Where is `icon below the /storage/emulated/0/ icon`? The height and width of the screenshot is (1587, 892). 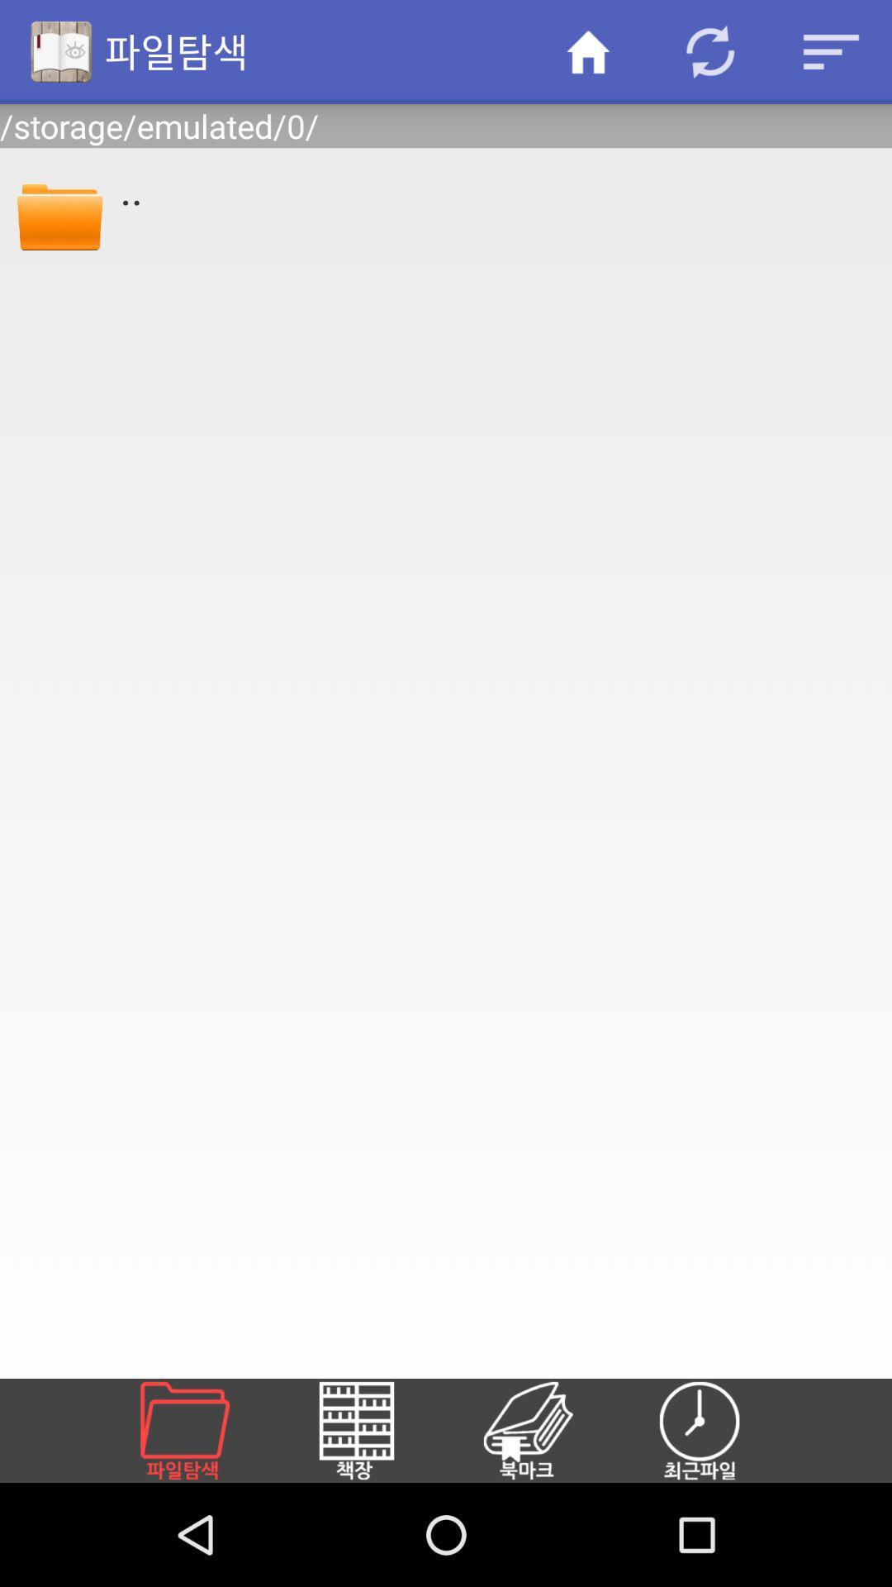 icon below the /storage/emulated/0/ icon is located at coordinates (59, 212).